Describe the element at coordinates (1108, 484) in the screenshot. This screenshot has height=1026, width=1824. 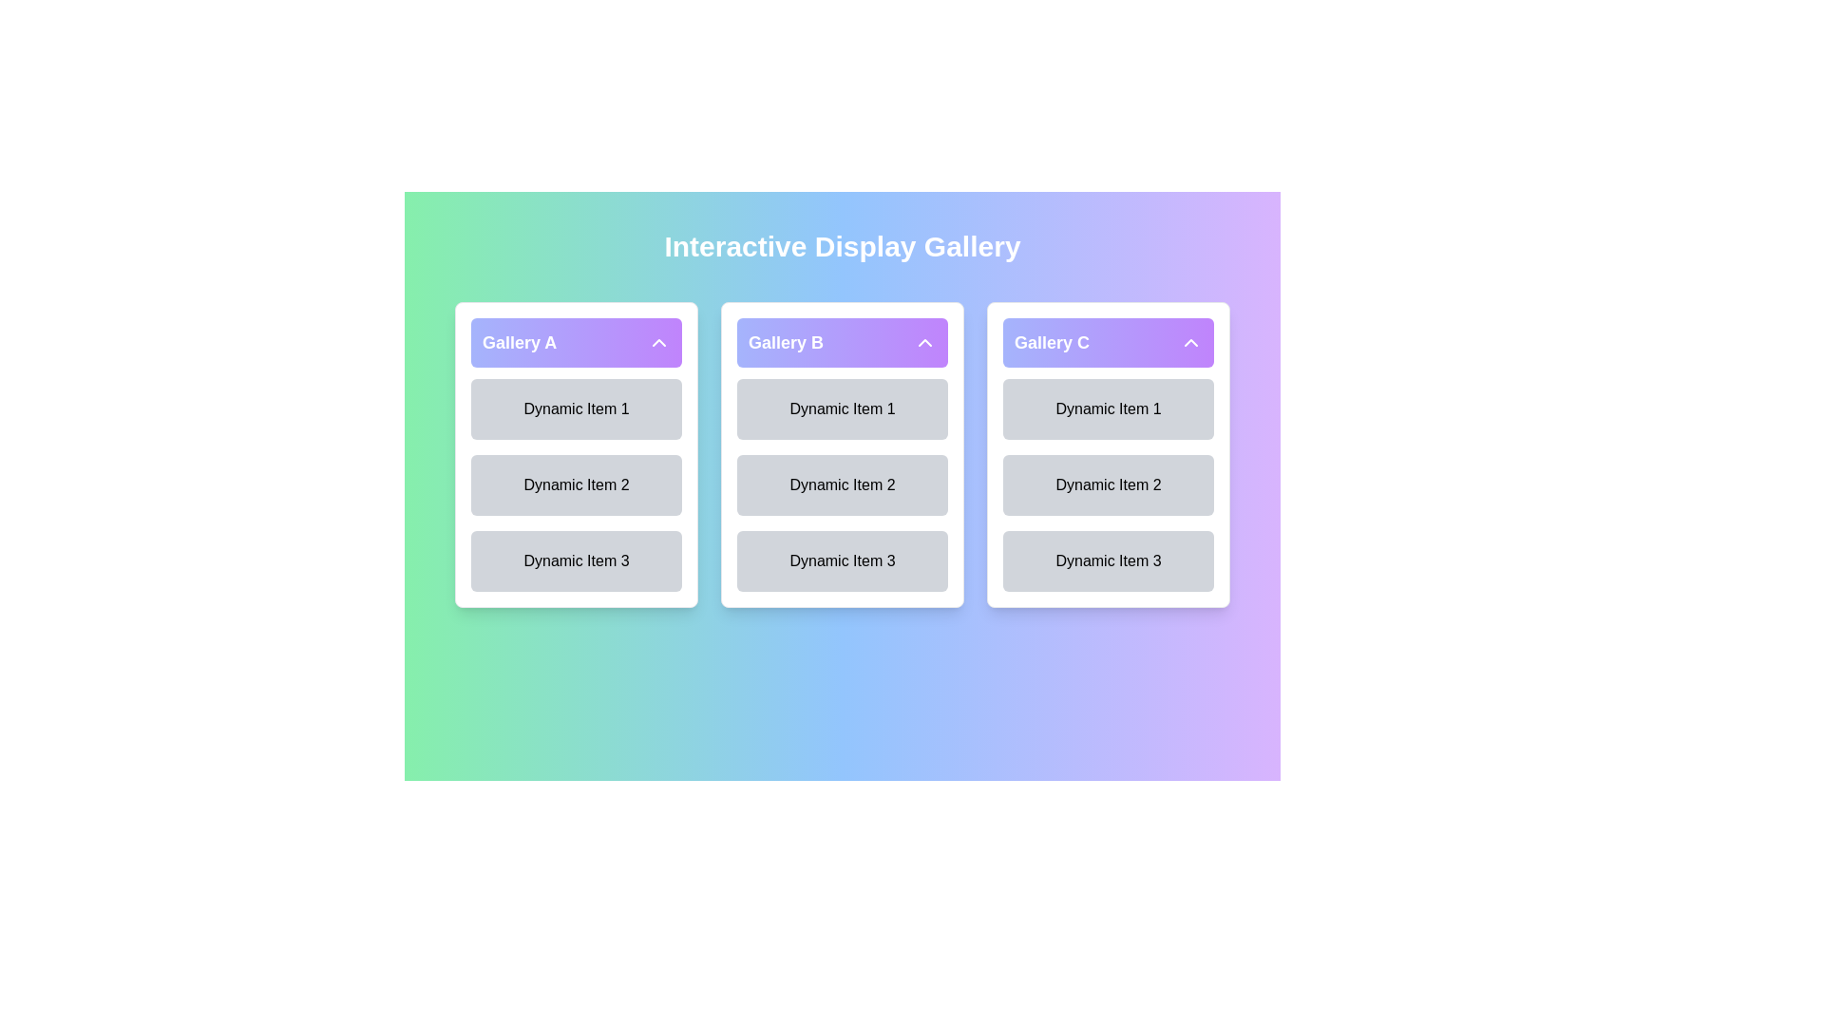
I see `the rectangular button-like component with rounded corners and centered black text 'Dynamic Item 2' in Gallery C, positioned below 'Dynamic Item 1'` at that location.